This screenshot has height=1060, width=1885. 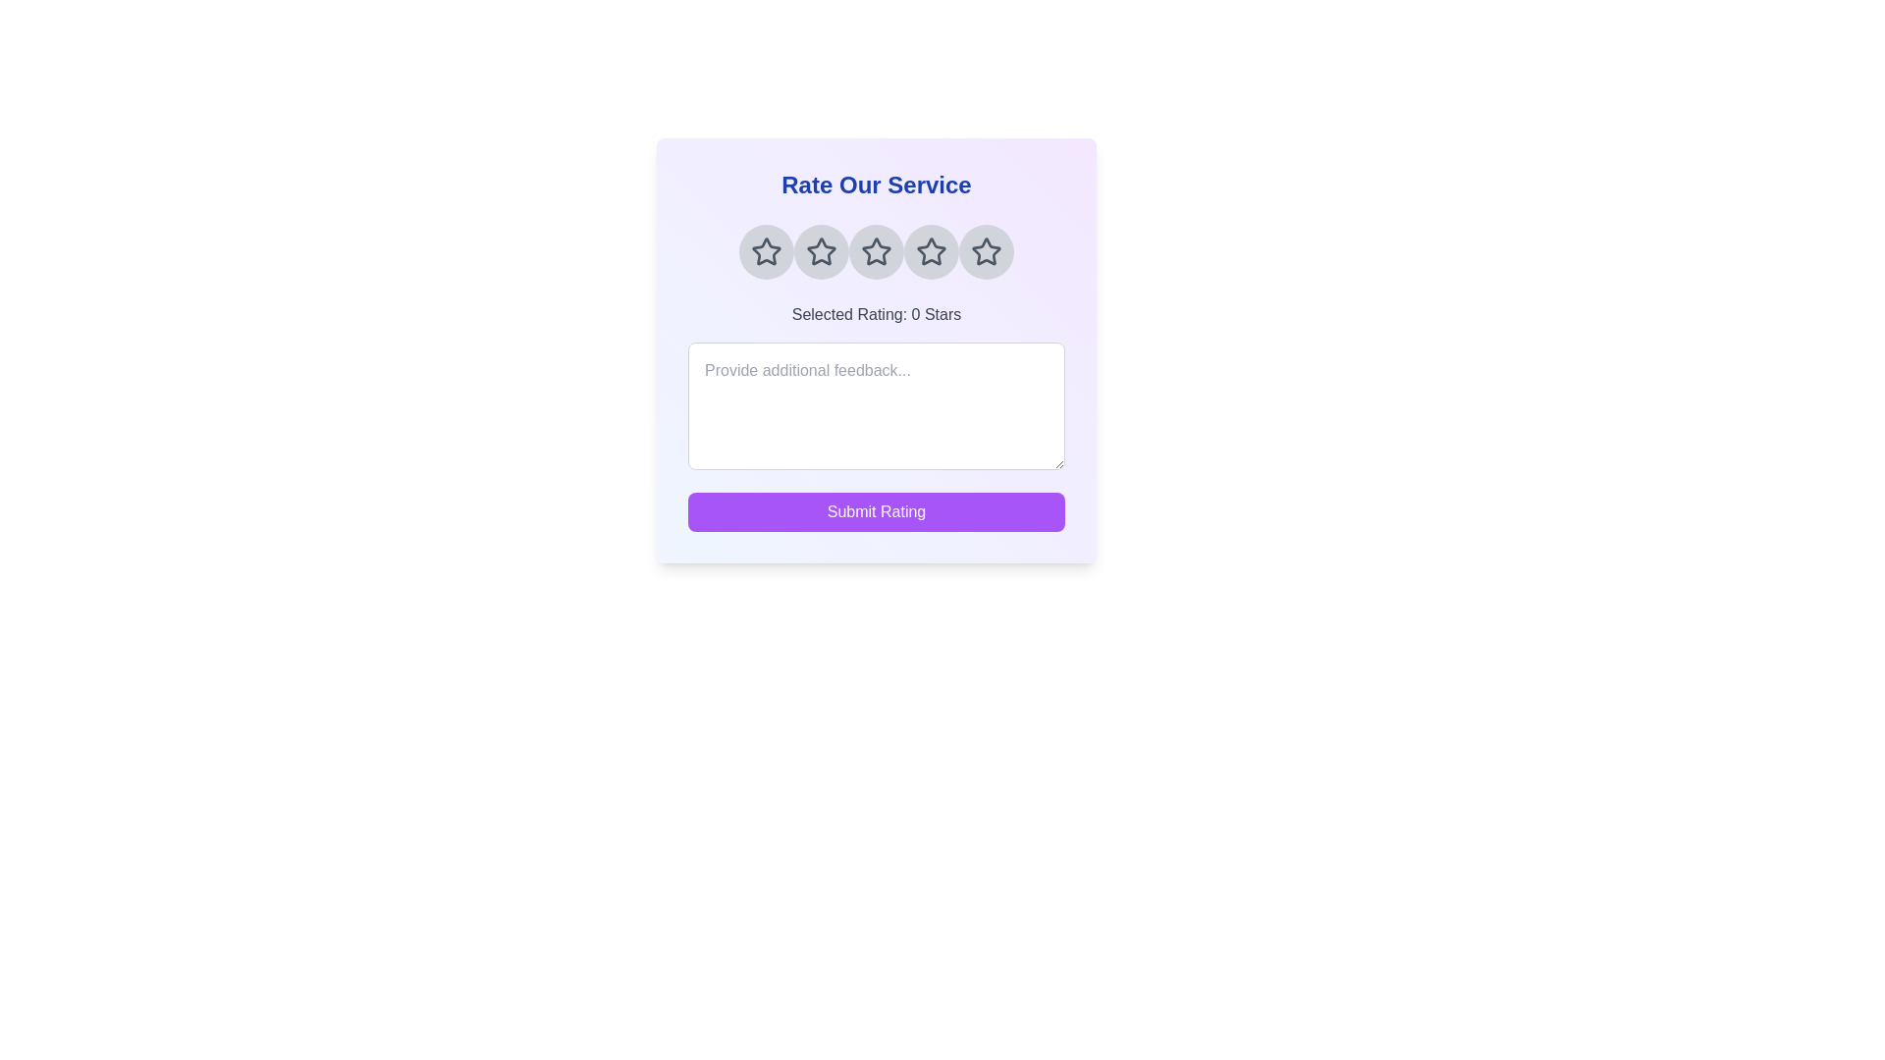 What do you see at coordinates (875, 510) in the screenshot?
I see `'Submit Rating' button` at bounding box center [875, 510].